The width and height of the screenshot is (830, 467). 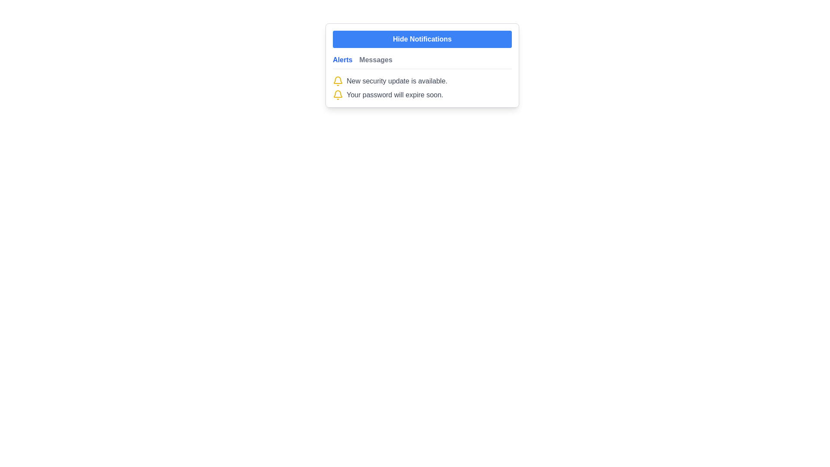 I want to click on the 'Messages' button, which is styled in bold gray text and positioned next to the blue 'Alerts' text in the horizontal navigation bar, so click(x=376, y=59).